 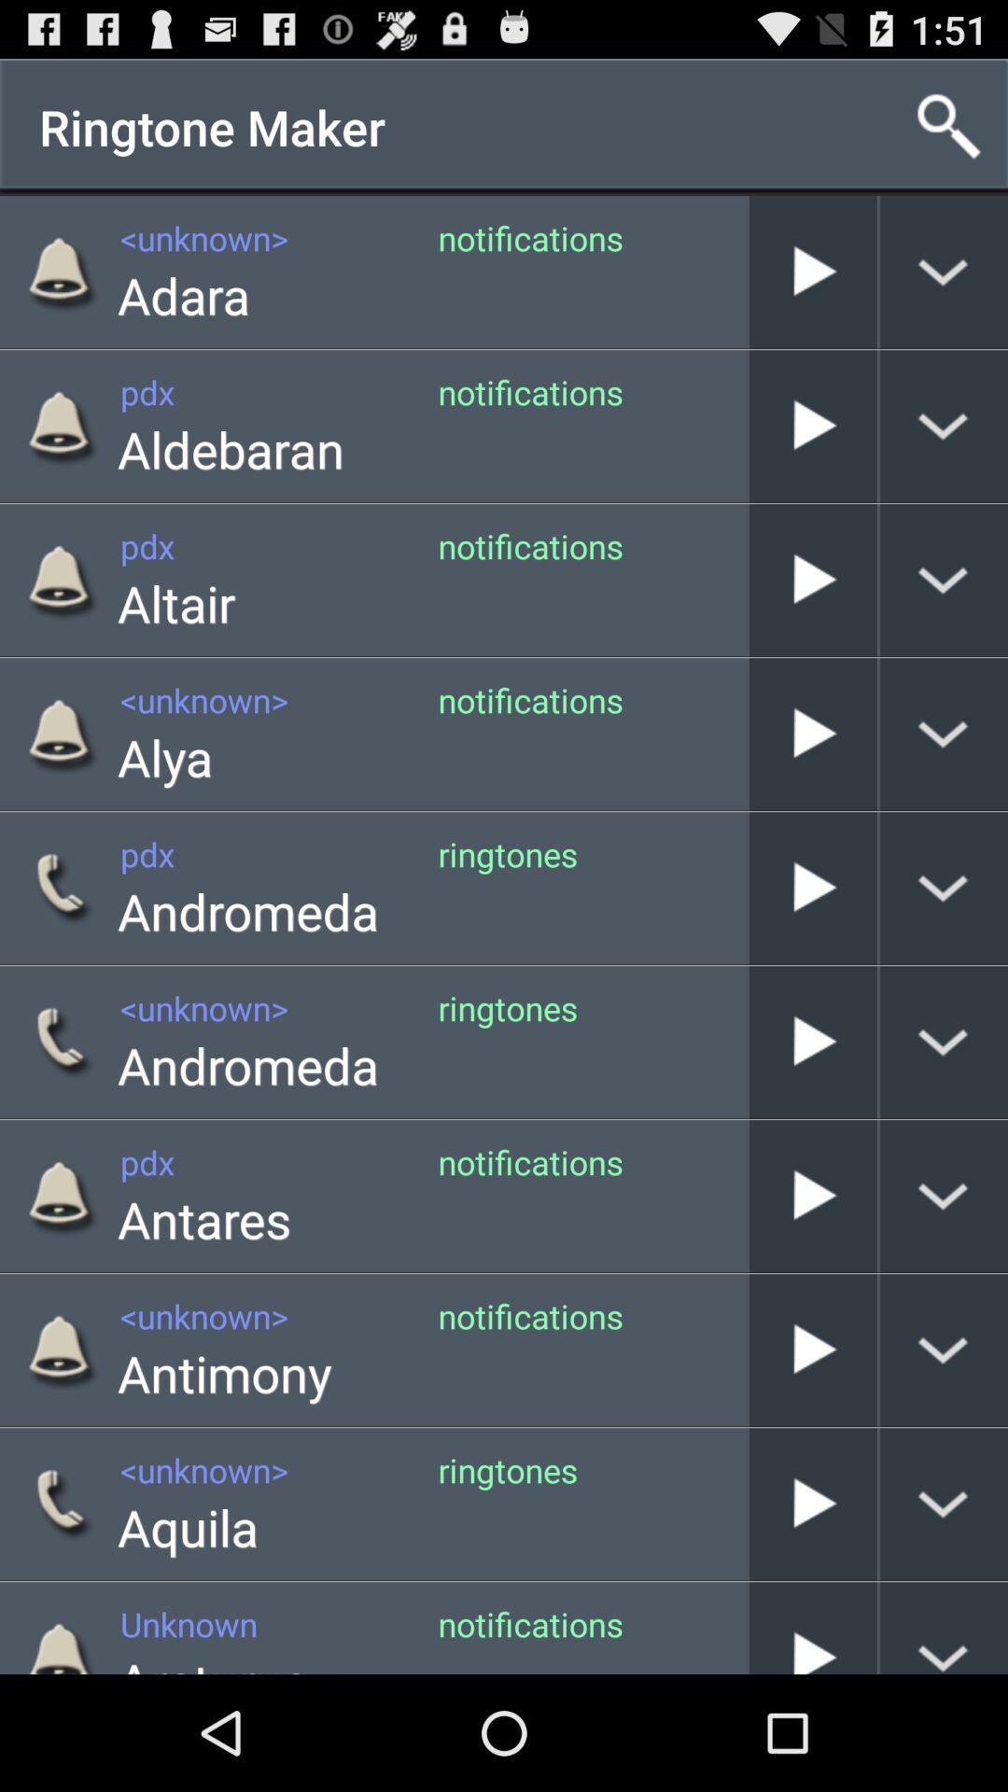 I want to click on item to the left of notifications, so click(x=223, y=1373).